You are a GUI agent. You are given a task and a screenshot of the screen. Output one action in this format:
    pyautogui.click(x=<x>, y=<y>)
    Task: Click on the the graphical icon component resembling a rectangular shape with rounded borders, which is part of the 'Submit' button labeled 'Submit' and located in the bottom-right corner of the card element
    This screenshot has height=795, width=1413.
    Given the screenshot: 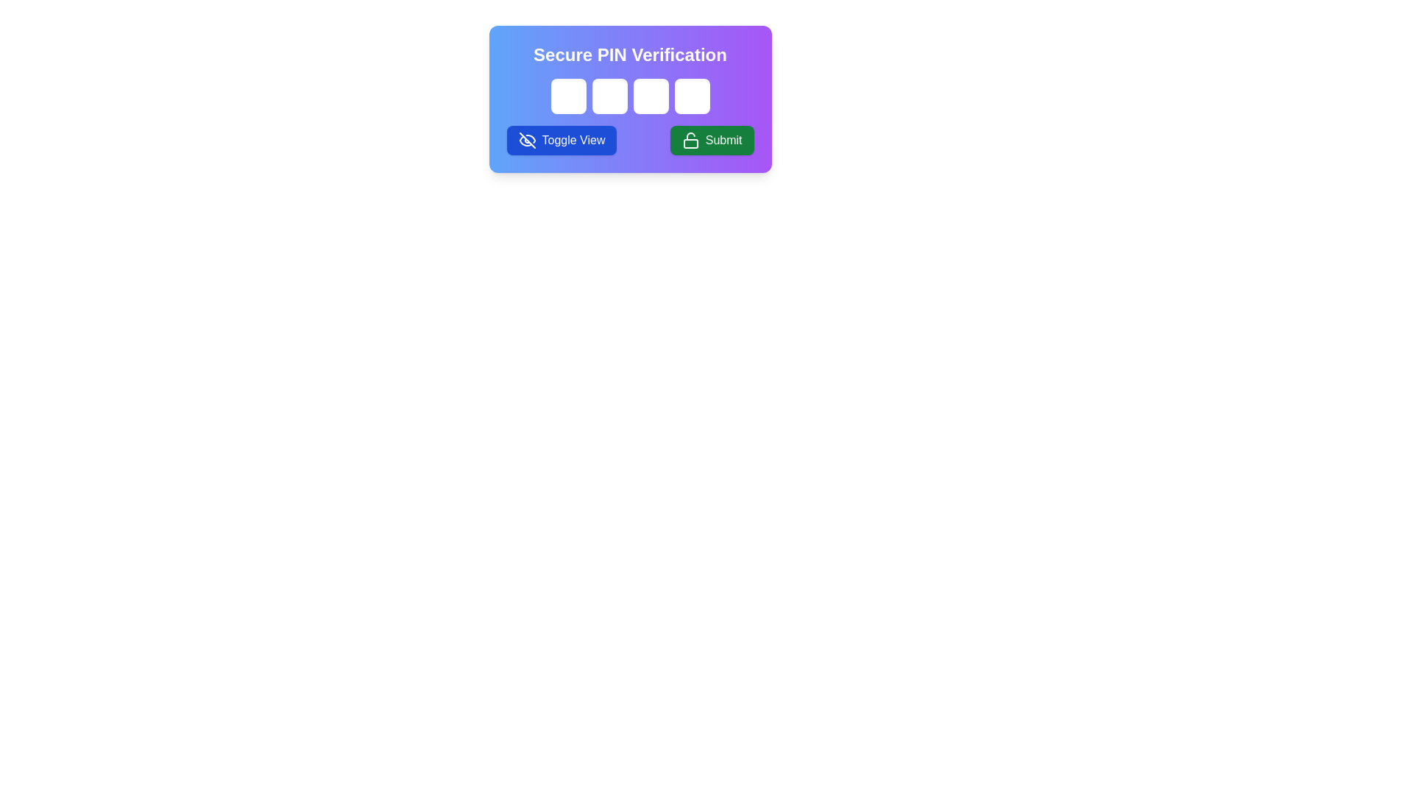 What is the action you would take?
    pyautogui.click(x=690, y=144)
    